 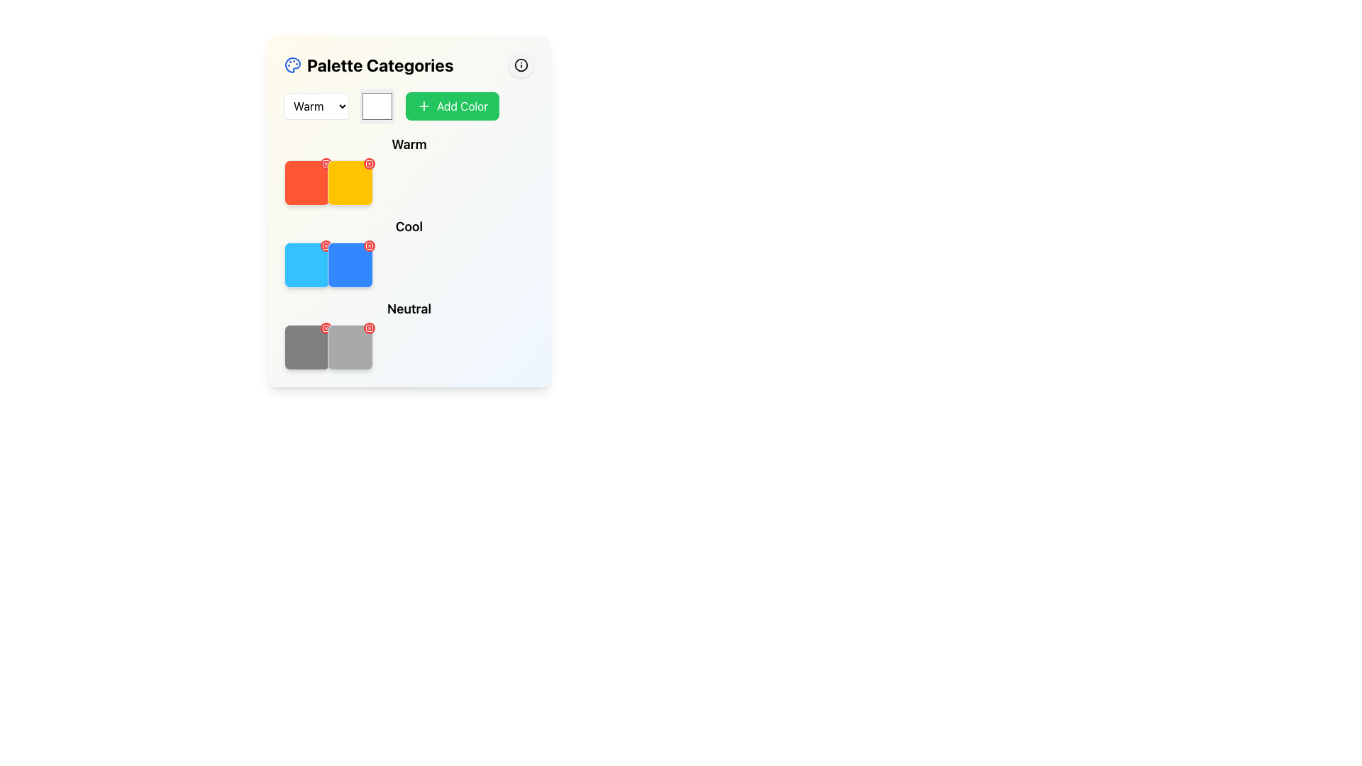 I want to click on the circular red button with a white 'X' icon in the top-right corner of the last tile in the 'Neutral' row, so click(x=370, y=328).